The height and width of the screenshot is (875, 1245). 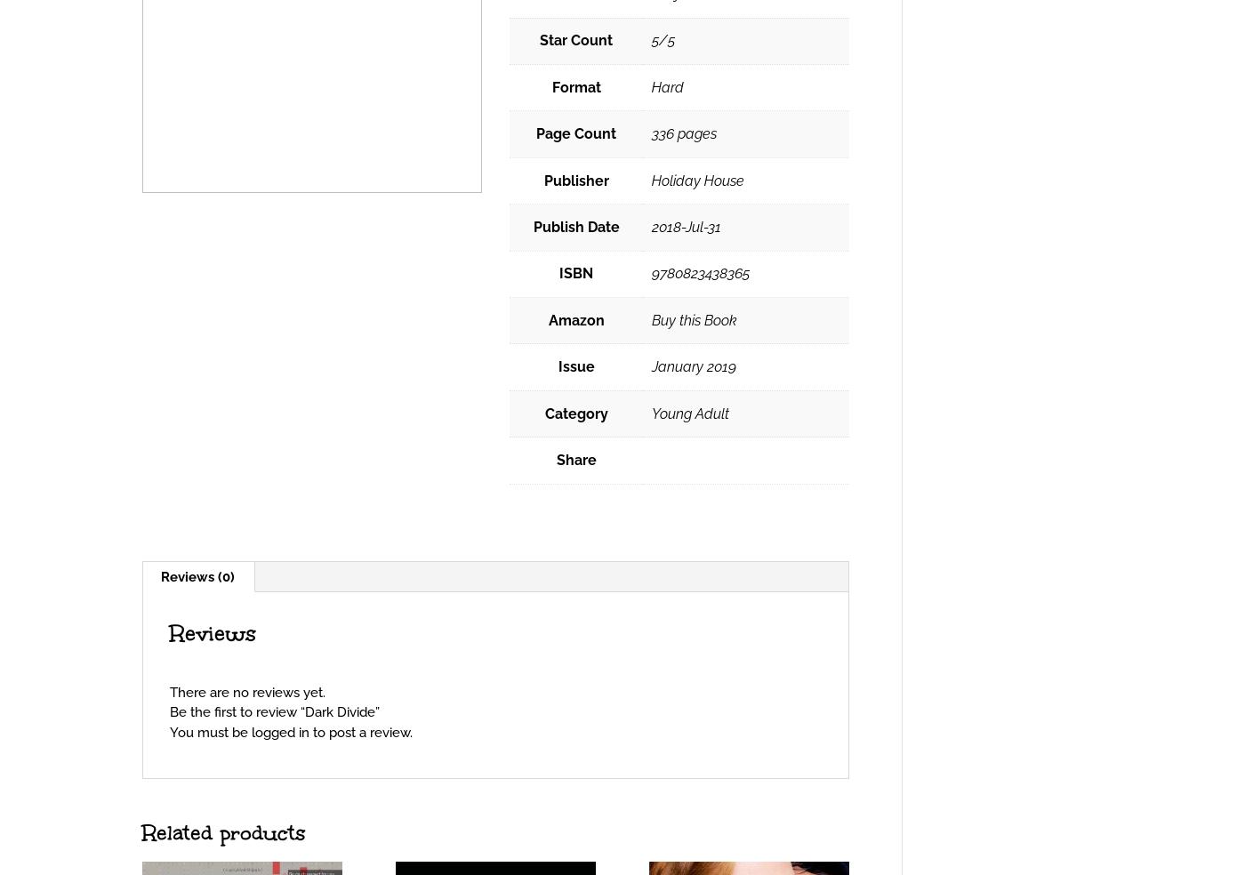 I want to click on 'Publish Date', so click(x=575, y=225).